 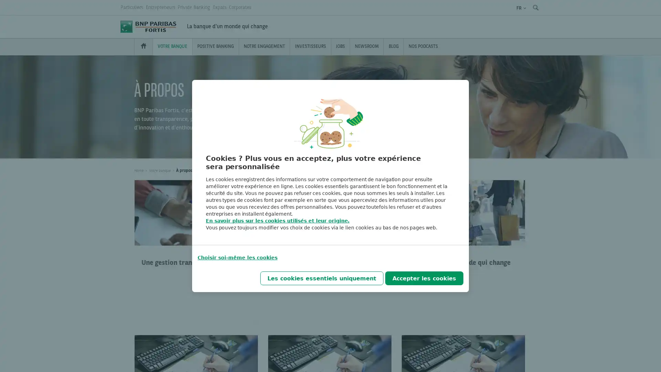 I want to click on Search, so click(x=535, y=8).